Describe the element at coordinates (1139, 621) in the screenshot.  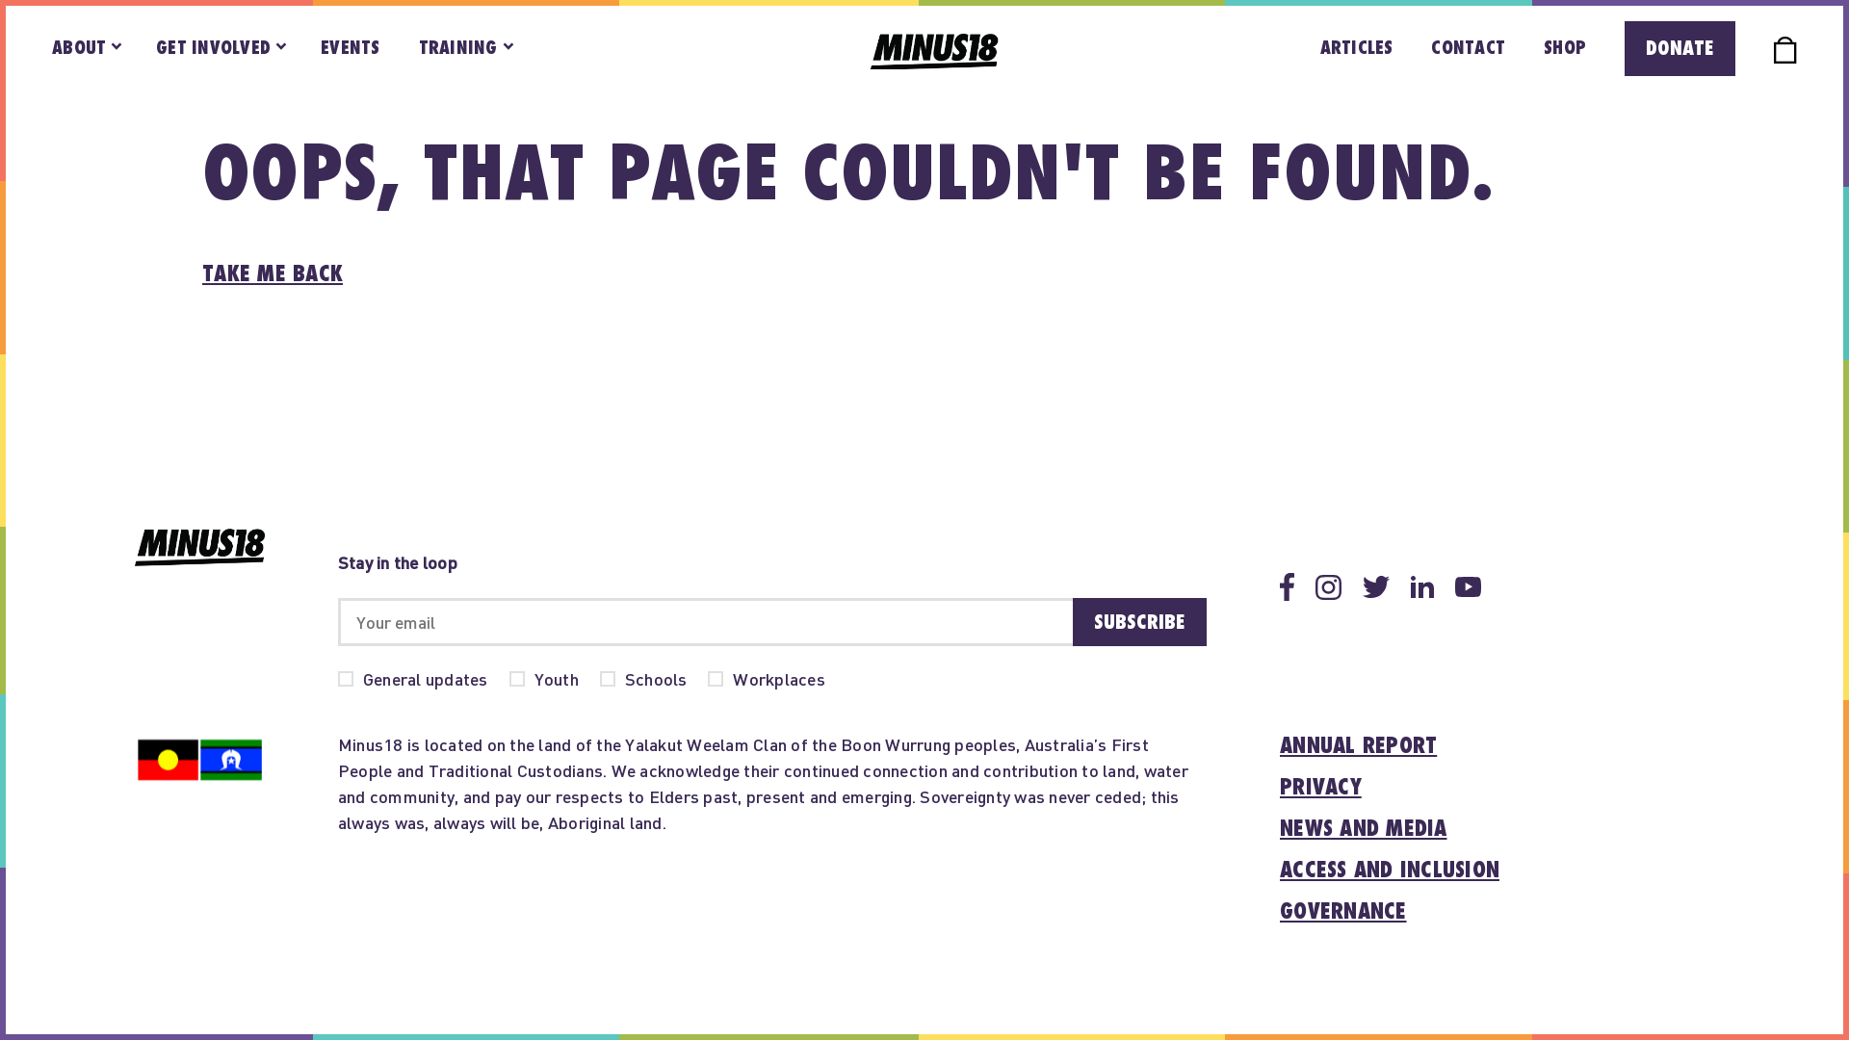
I see `'SUBSCRIBE'` at that location.